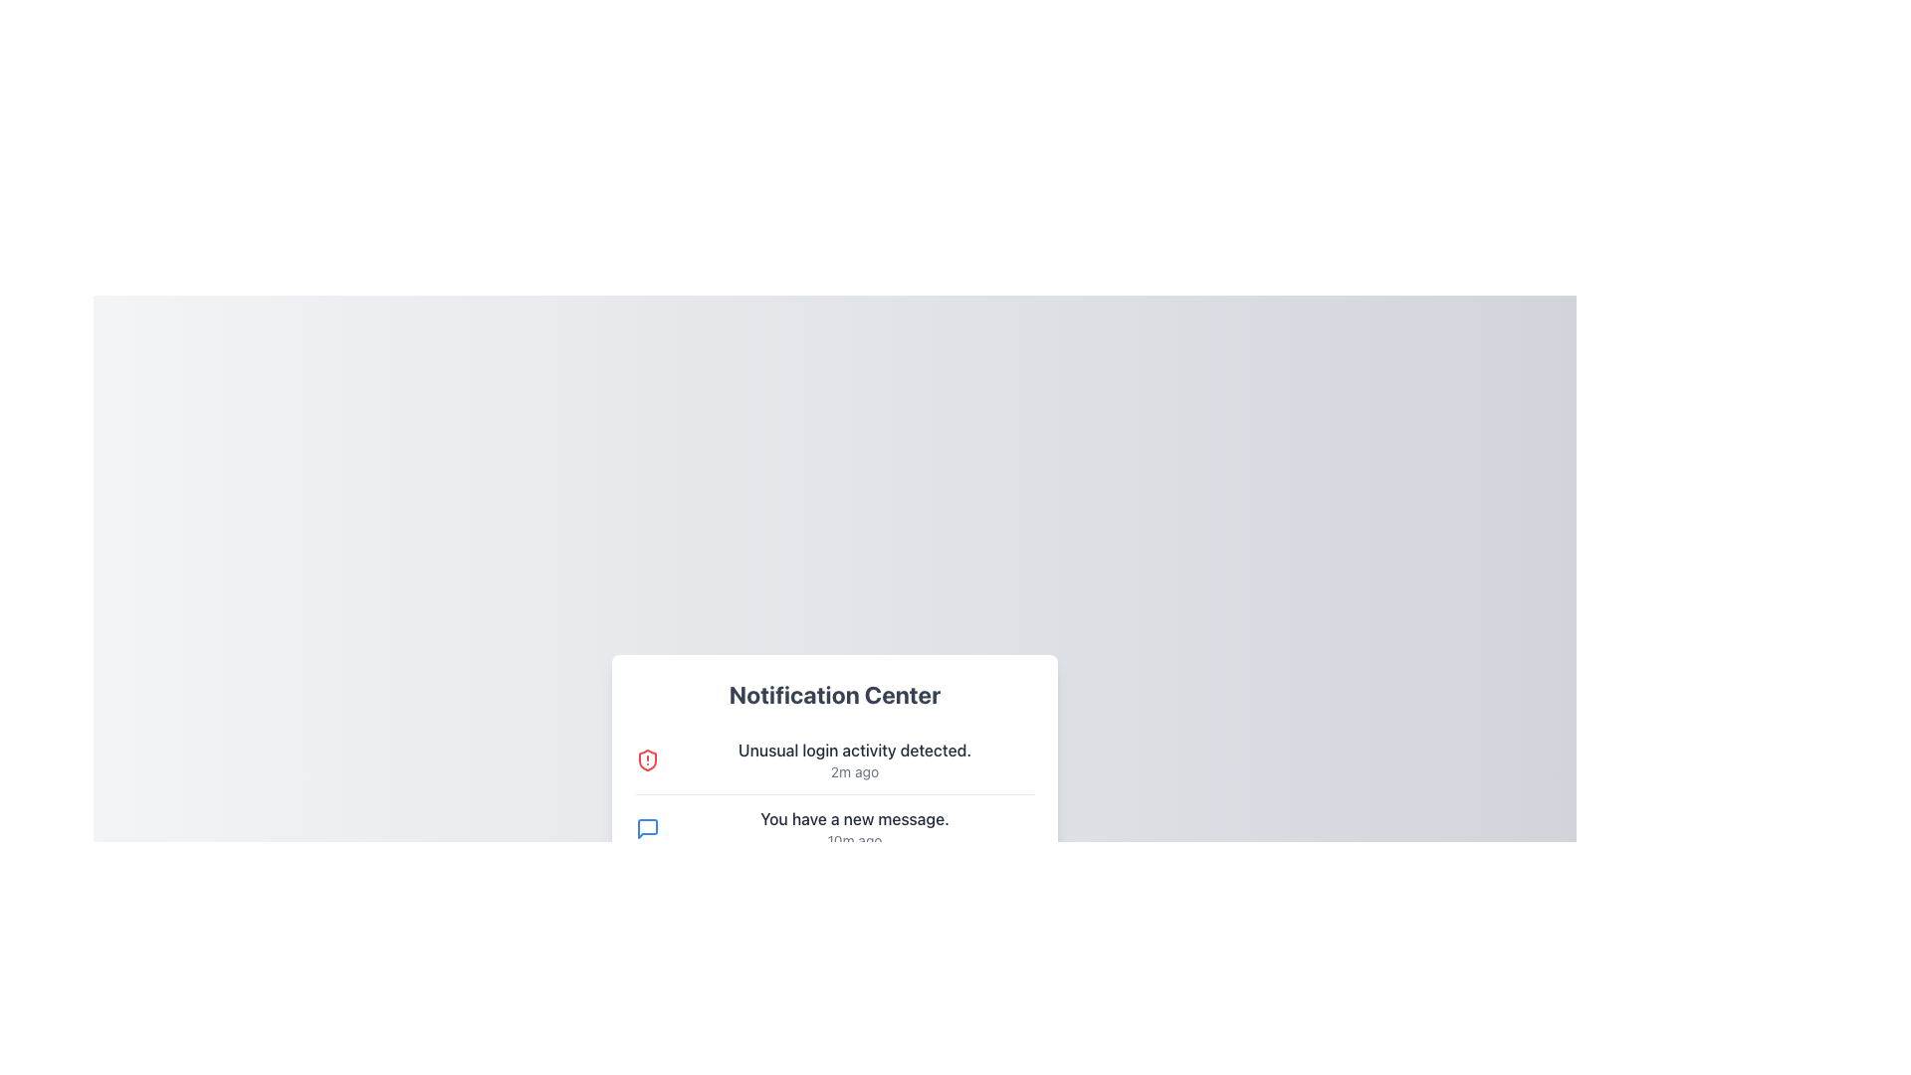 The image size is (1911, 1075). I want to click on the timestamp text label located in the 'Notification Center' section, positioned below and to the right of the message 'You have a new message.', so click(855, 840).